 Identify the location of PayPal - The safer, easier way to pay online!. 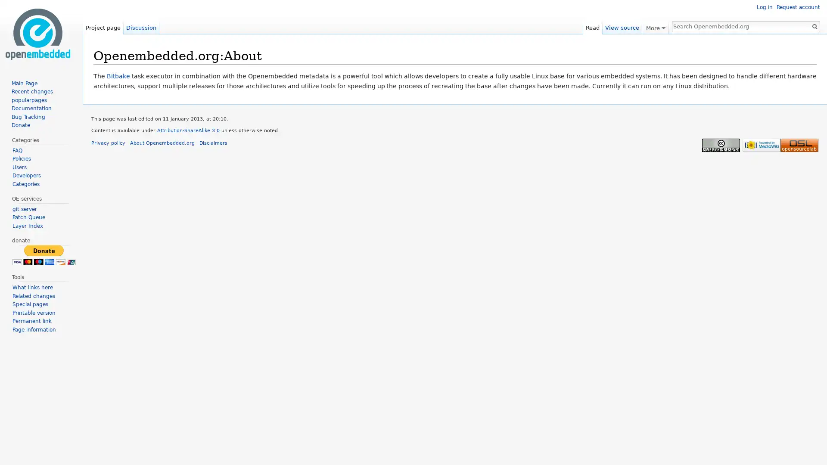
(43, 254).